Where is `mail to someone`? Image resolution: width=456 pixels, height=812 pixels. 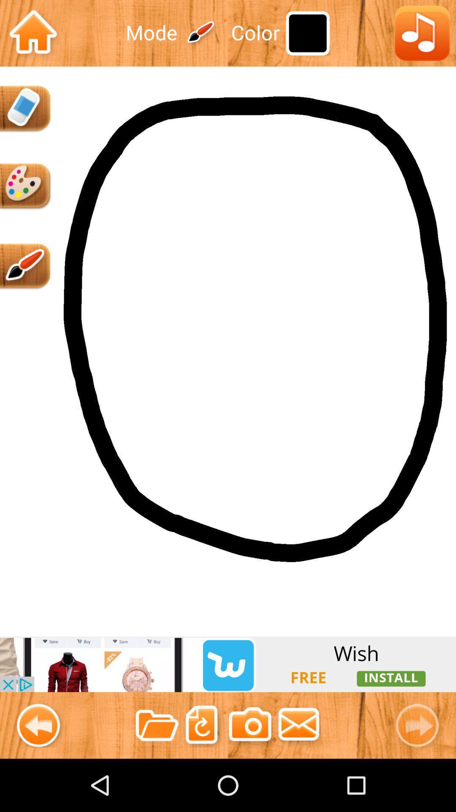 mail to someone is located at coordinates (299, 725).